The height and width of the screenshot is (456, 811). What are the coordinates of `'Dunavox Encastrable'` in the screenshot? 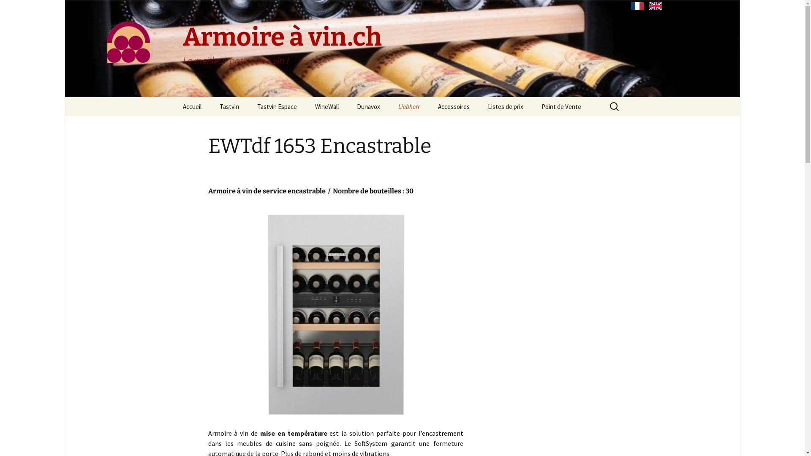 It's located at (389, 125).